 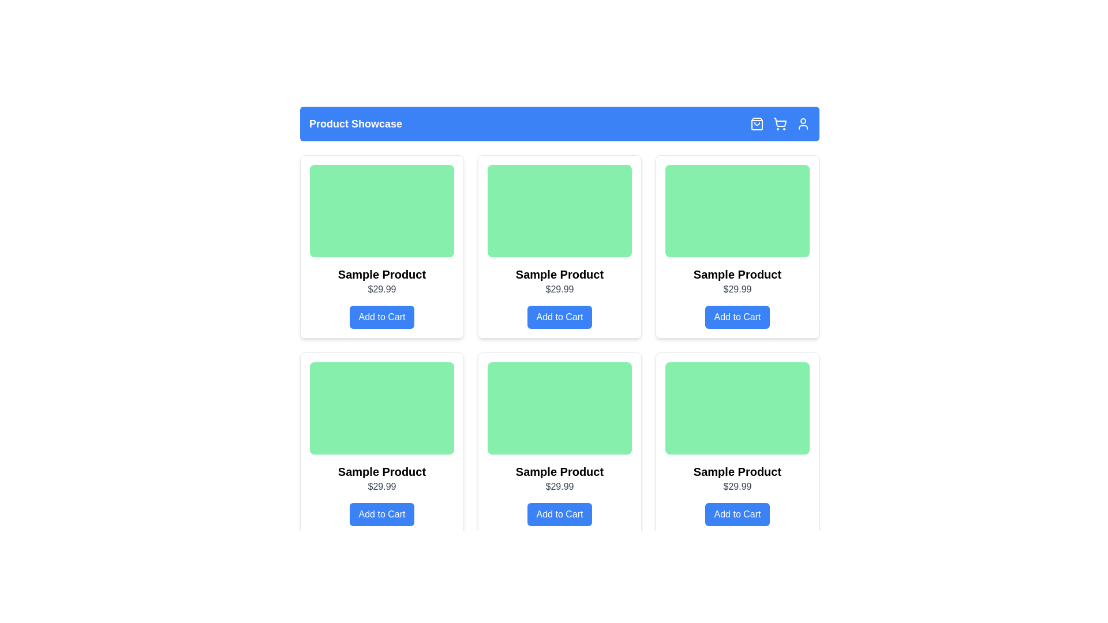 I want to click on product name label located in the first row and first column of the product card, situated below the green header area, using developer tools, so click(x=382, y=274).